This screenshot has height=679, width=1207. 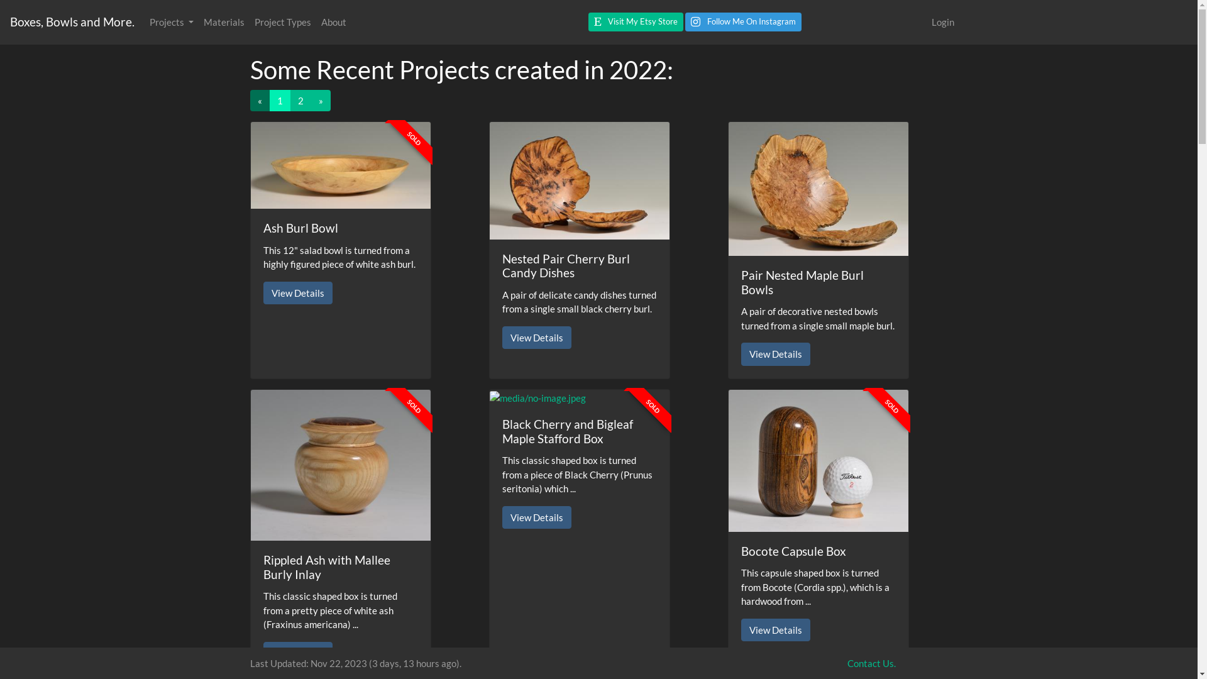 I want to click on 'Projects', so click(x=171, y=22).